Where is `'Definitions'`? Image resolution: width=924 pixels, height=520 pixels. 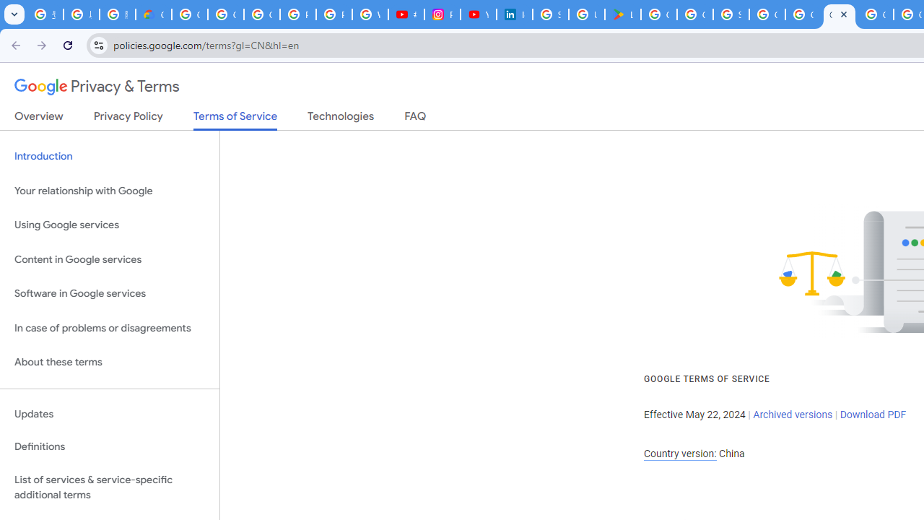
'Definitions' is located at coordinates (109, 446).